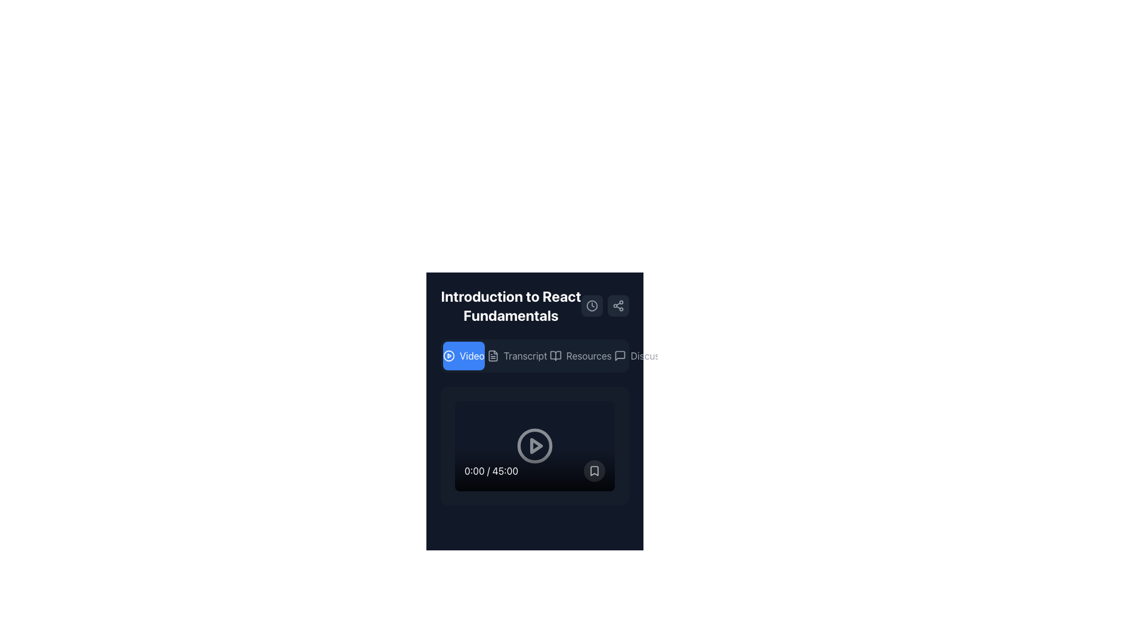  Describe the element at coordinates (618, 305) in the screenshot. I see `the 'Share' icon located in the top-right corner of the 'Introduction to React Fundamentals' header to invoke sharing functionality` at that location.